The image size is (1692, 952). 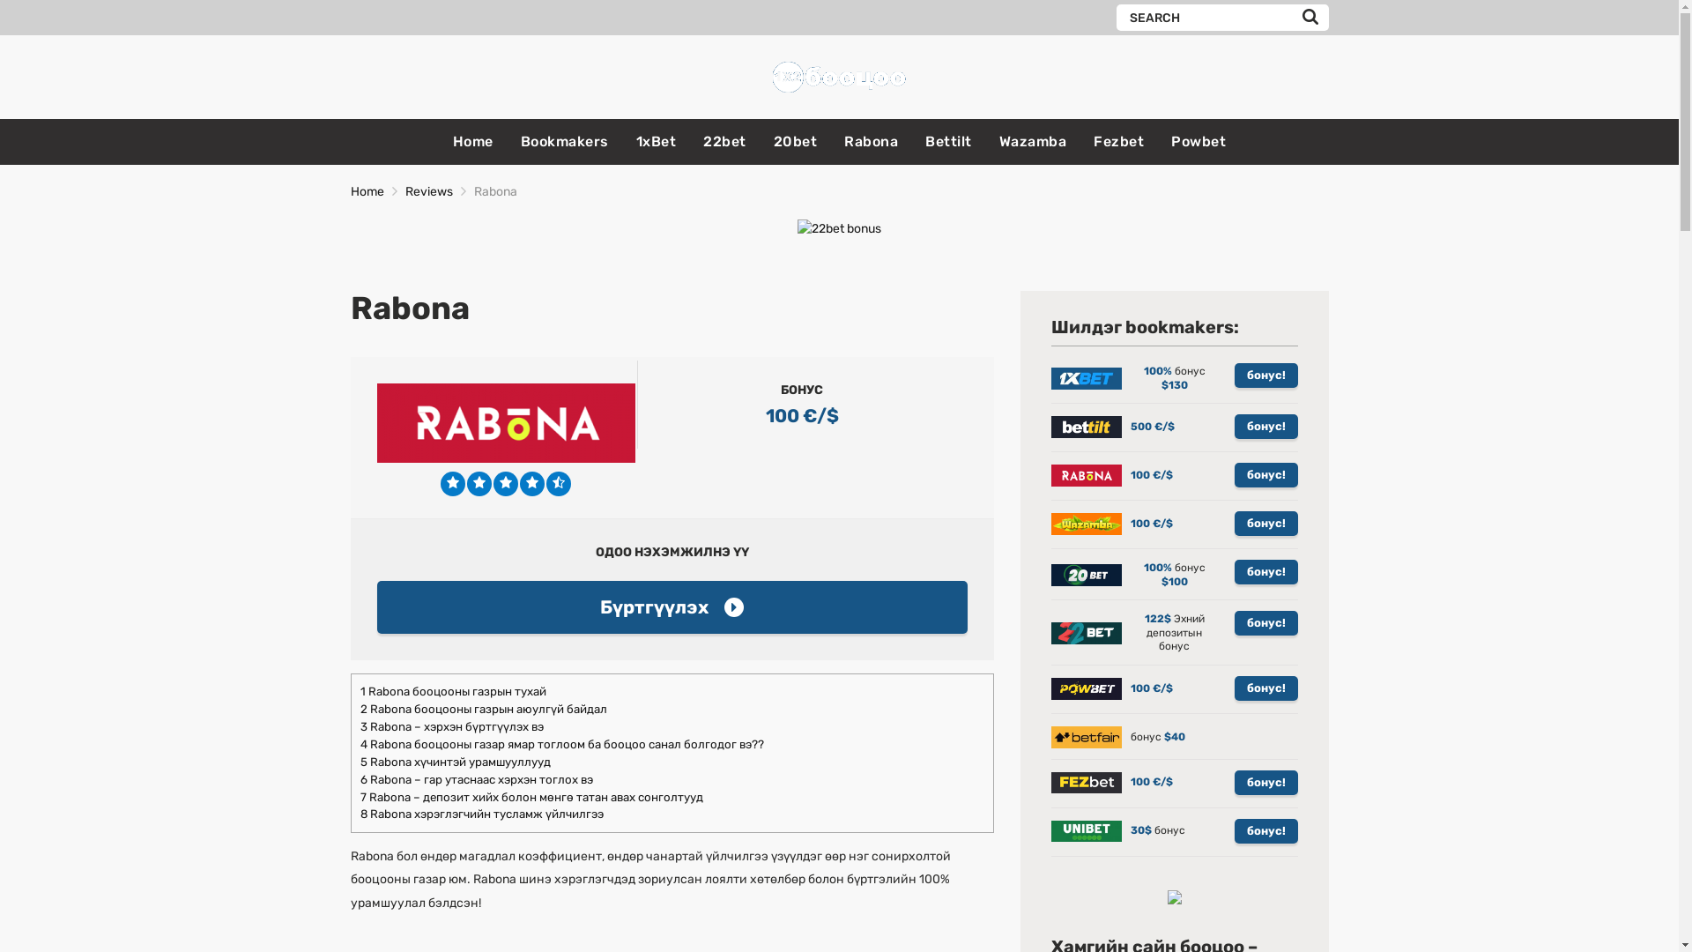 What do you see at coordinates (565, 141) in the screenshot?
I see `'Bookmakers'` at bounding box center [565, 141].